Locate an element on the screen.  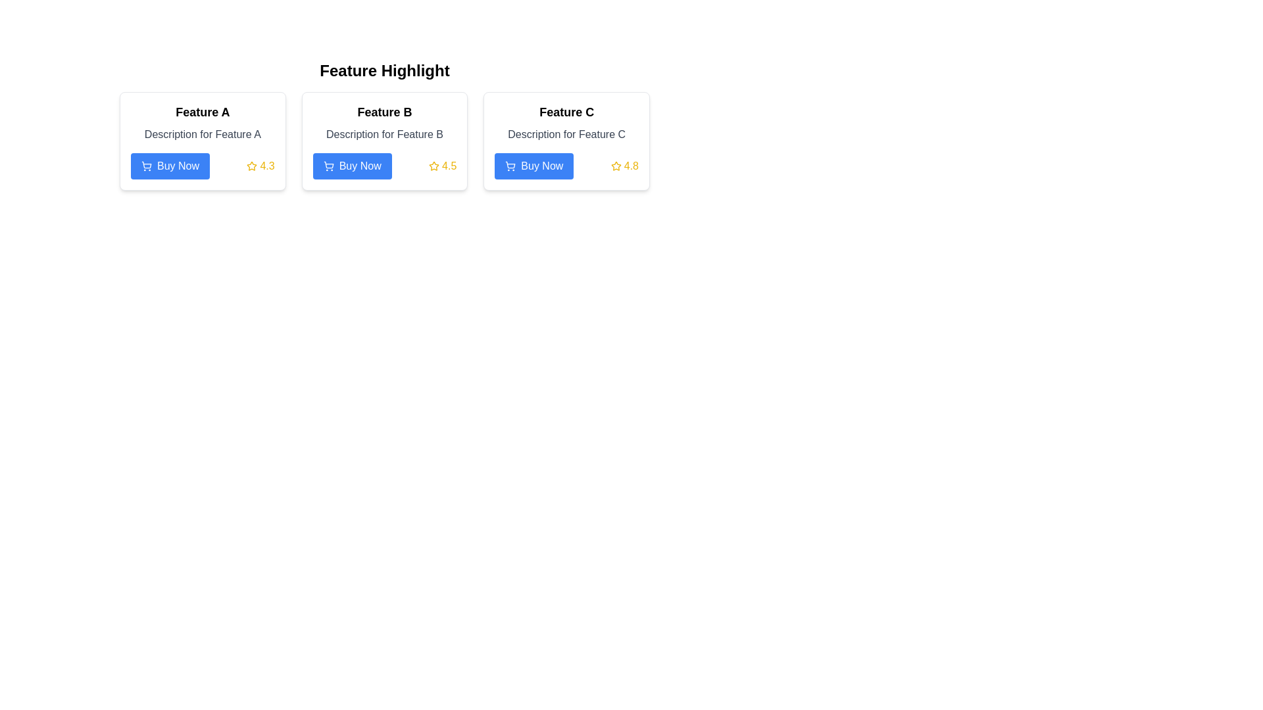
the interactive card in the second column, located below the 'Feature Highlight' section is located at coordinates (384, 141).